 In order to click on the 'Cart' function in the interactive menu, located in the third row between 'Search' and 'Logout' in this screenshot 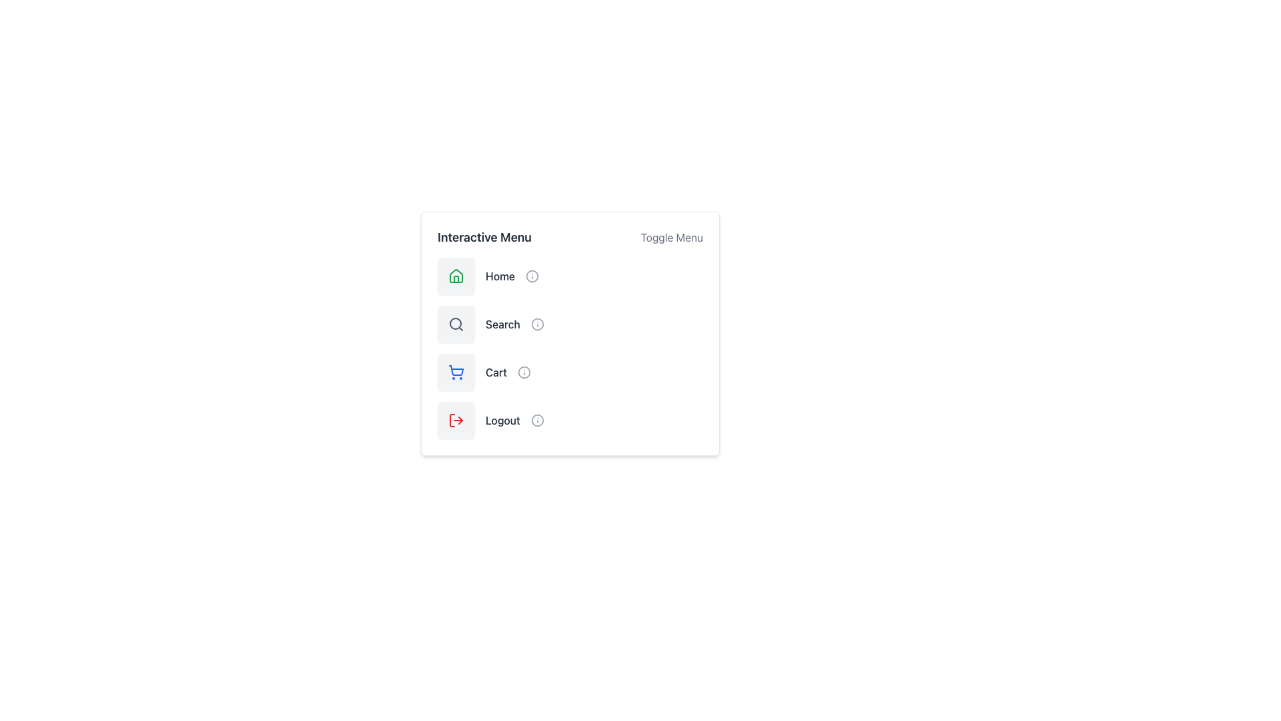, I will do `click(456, 373)`.